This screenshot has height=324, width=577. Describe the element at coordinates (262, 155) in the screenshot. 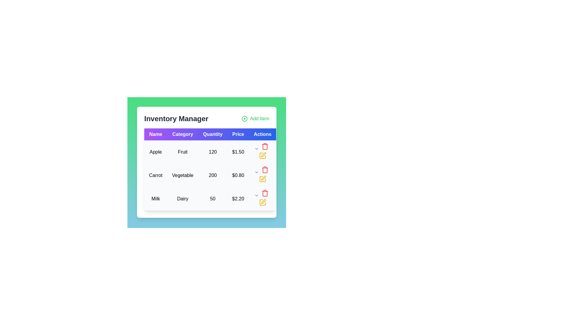

I see `the yellow pencil icon button in the first row of the 'Actions' column` at that location.